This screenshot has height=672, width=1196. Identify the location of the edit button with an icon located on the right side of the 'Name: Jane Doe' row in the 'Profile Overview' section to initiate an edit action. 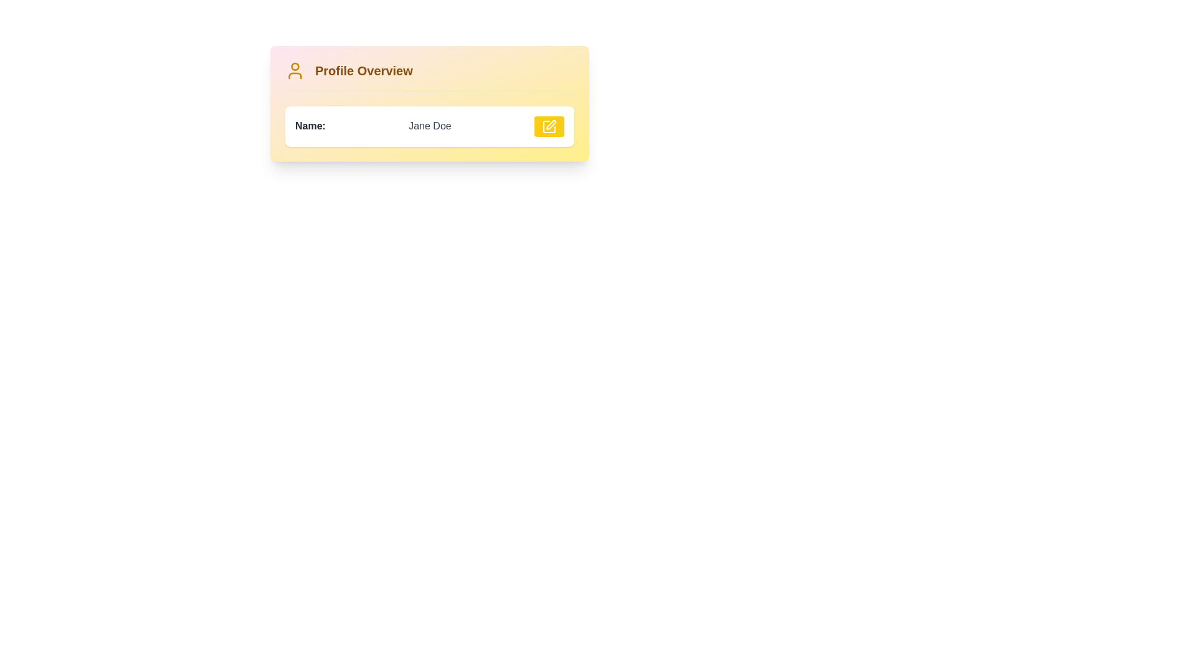
(549, 126).